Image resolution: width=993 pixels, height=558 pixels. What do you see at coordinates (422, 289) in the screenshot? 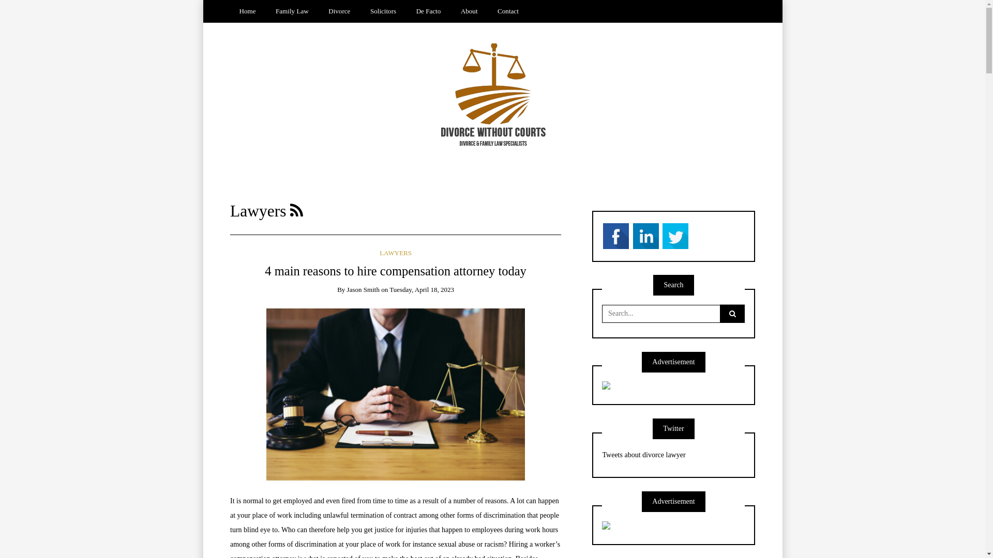
I see `'Tuesday, April 18, 2023'` at bounding box center [422, 289].